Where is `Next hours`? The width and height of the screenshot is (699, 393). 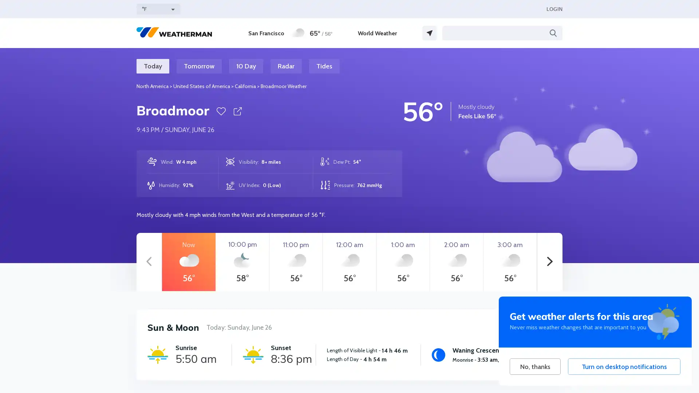 Next hours is located at coordinates (550, 262).